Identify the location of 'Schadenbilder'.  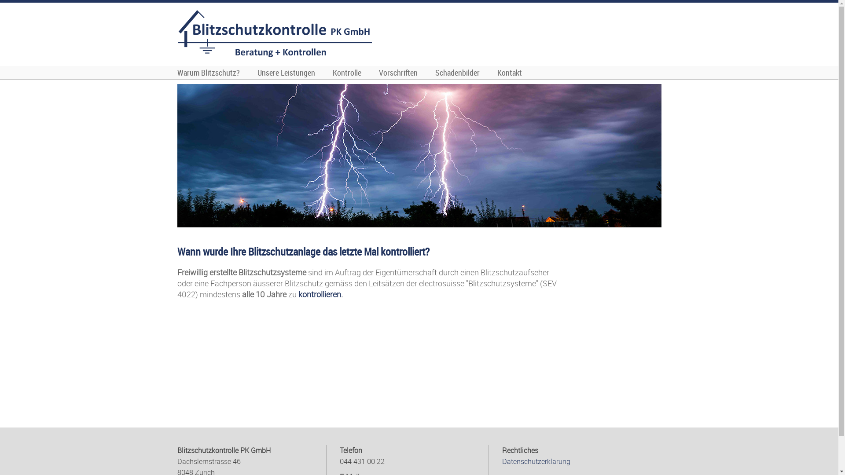
(457, 72).